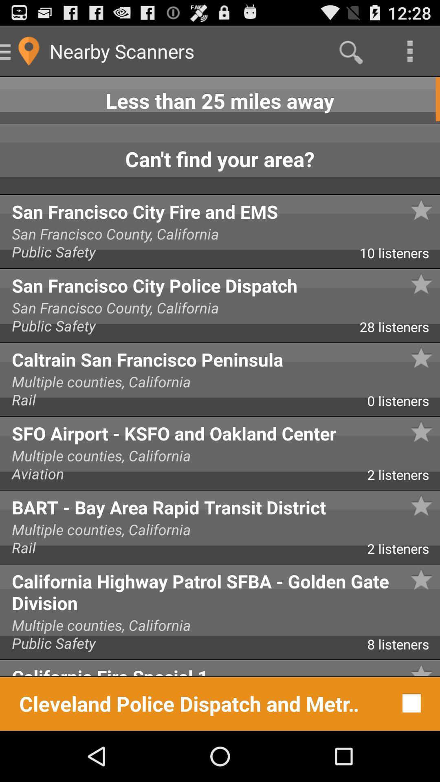 This screenshot has width=440, height=782. Describe the element at coordinates (409, 703) in the screenshot. I see `icon to the right of the cleveland police dispatch button` at that location.